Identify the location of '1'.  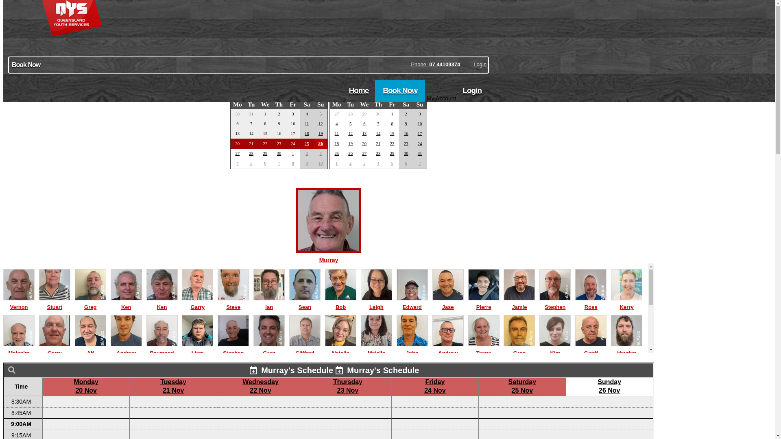
(392, 114).